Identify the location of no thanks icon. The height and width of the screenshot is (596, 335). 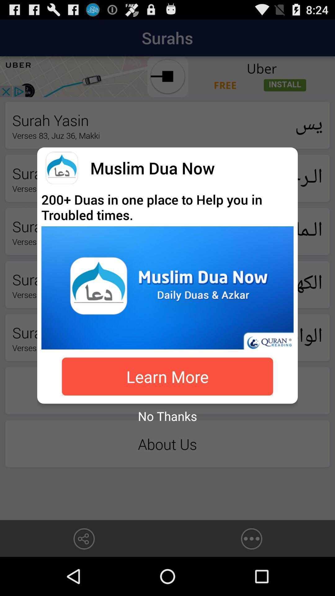
(167, 416).